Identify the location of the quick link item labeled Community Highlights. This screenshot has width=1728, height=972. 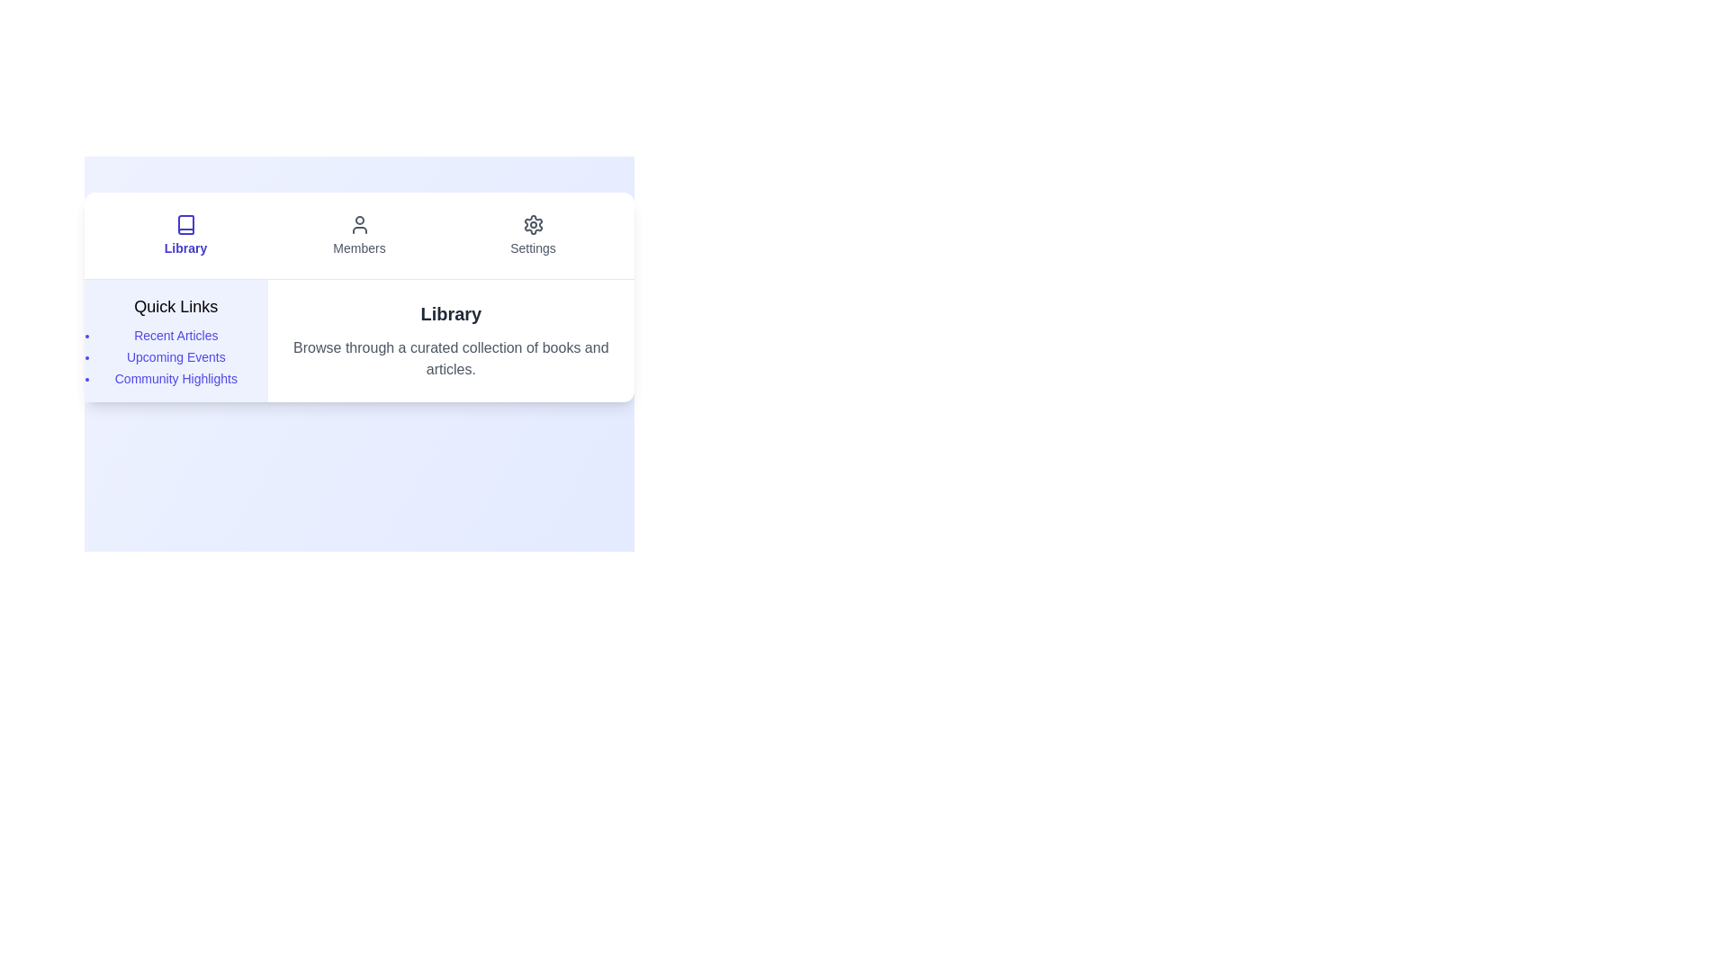
(175, 377).